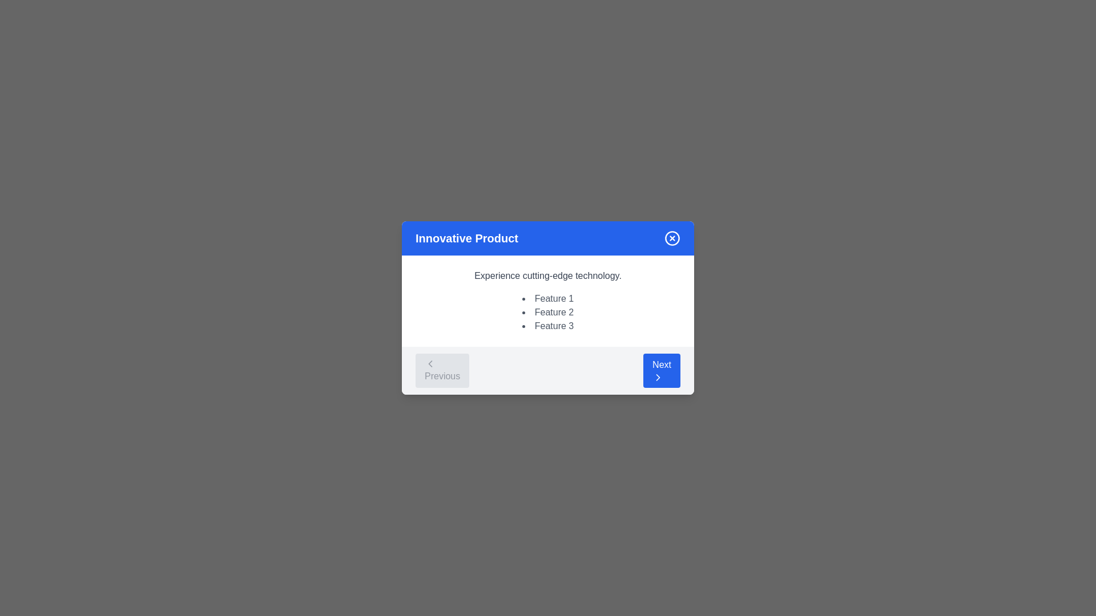 The height and width of the screenshot is (616, 1096). Describe the element at coordinates (548, 298) in the screenshot. I see `the text element displaying 'Feature 1', which is the first item in a bulleted list under the heading 'Innovative Product' in a modal dialog box` at that location.